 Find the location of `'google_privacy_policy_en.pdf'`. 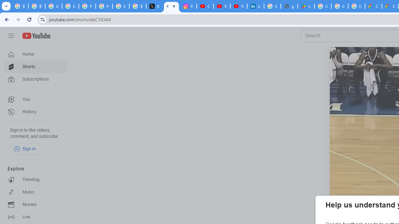

'google_privacy_policy_en.pdf' is located at coordinates (289, 6).